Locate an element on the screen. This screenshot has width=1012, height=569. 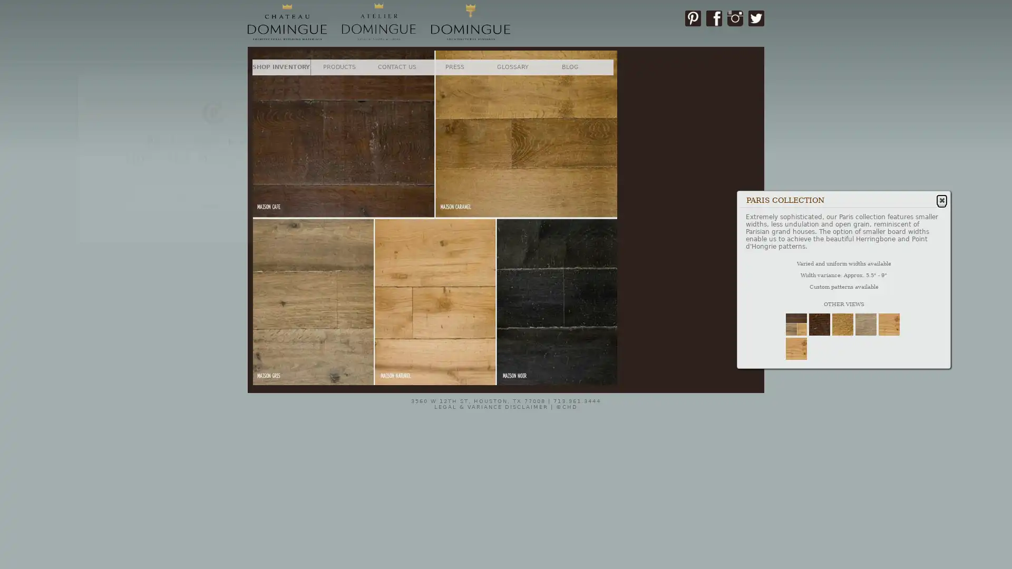
Close is located at coordinates (941, 199).